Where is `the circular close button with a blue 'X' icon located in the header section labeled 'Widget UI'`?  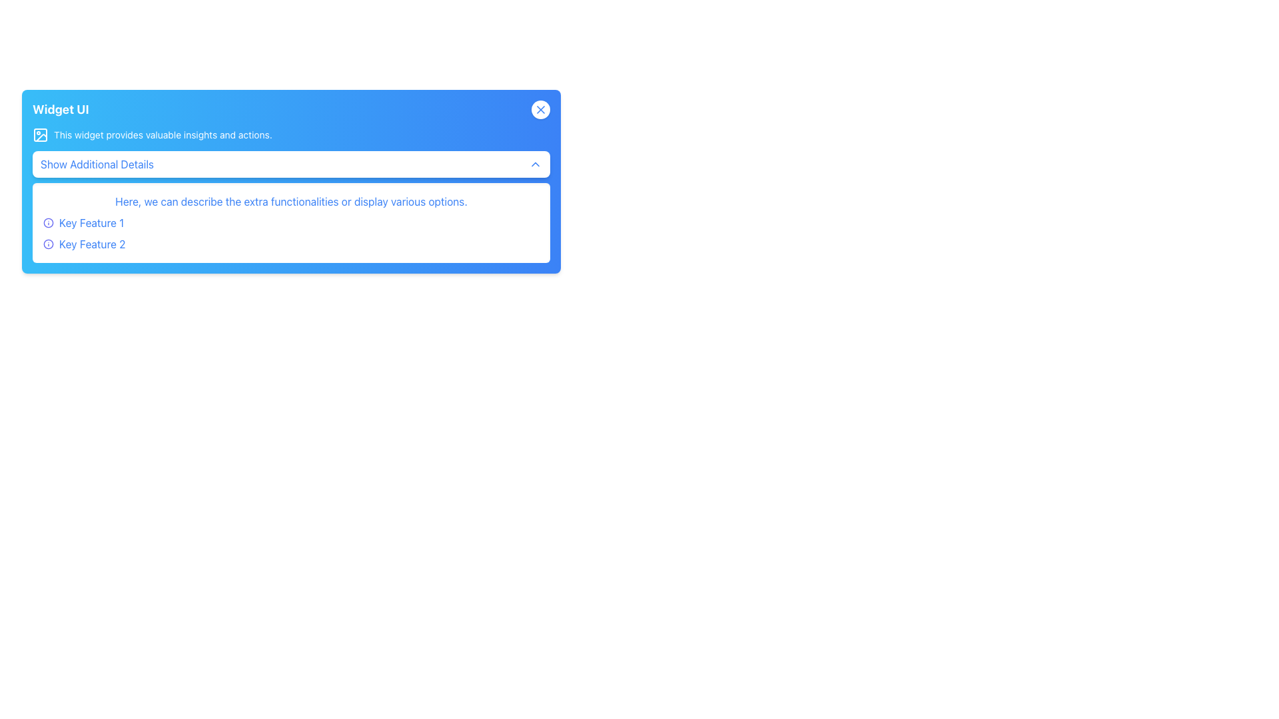
the circular close button with a blue 'X' icon located in the header section labeled 'Widget UI' is located at coordinates (540, 109).